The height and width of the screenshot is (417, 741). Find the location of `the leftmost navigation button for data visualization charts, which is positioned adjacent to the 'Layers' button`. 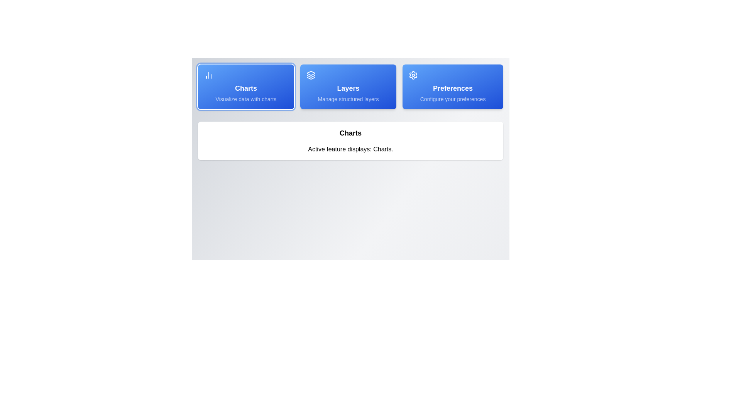

the leftmost navigation button for data visualization charts, which is positioned adjacent to the 'Layers' button is located at coordinates (245, 86).